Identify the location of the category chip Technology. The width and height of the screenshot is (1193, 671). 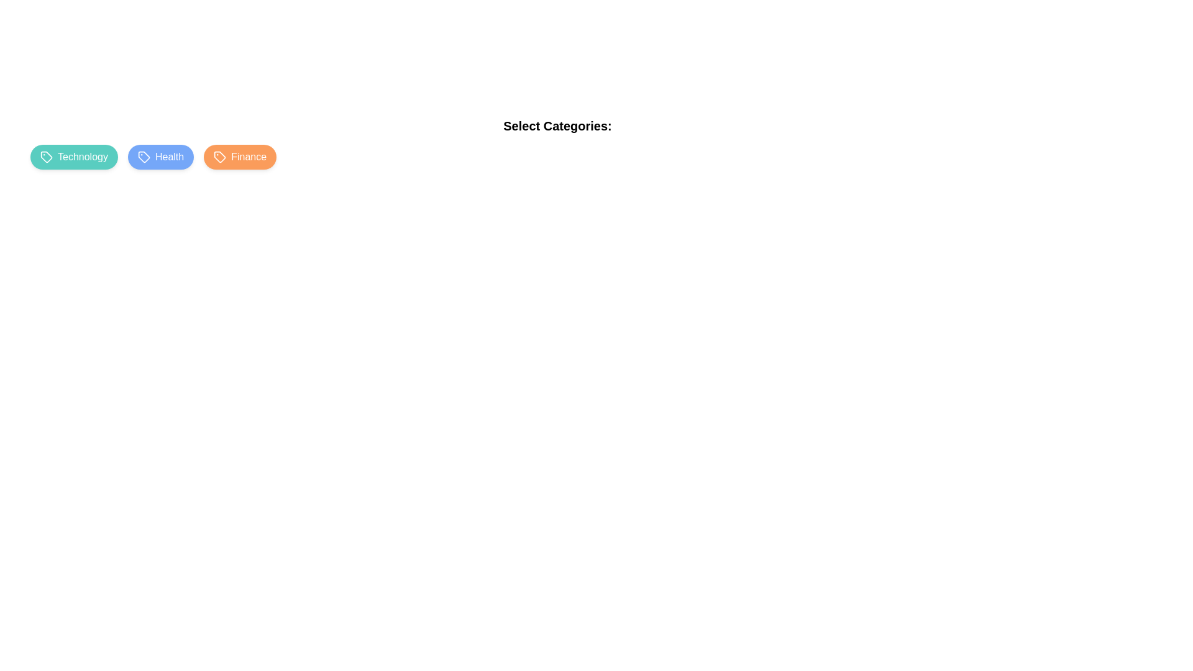
(73, 157).